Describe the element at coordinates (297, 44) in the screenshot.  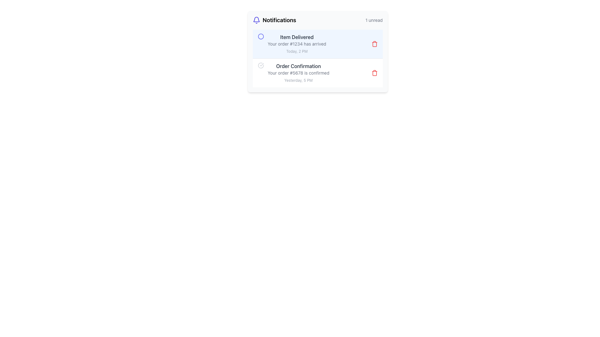
I see `the Notification card that indicates 'Item Delivered'` at that location.